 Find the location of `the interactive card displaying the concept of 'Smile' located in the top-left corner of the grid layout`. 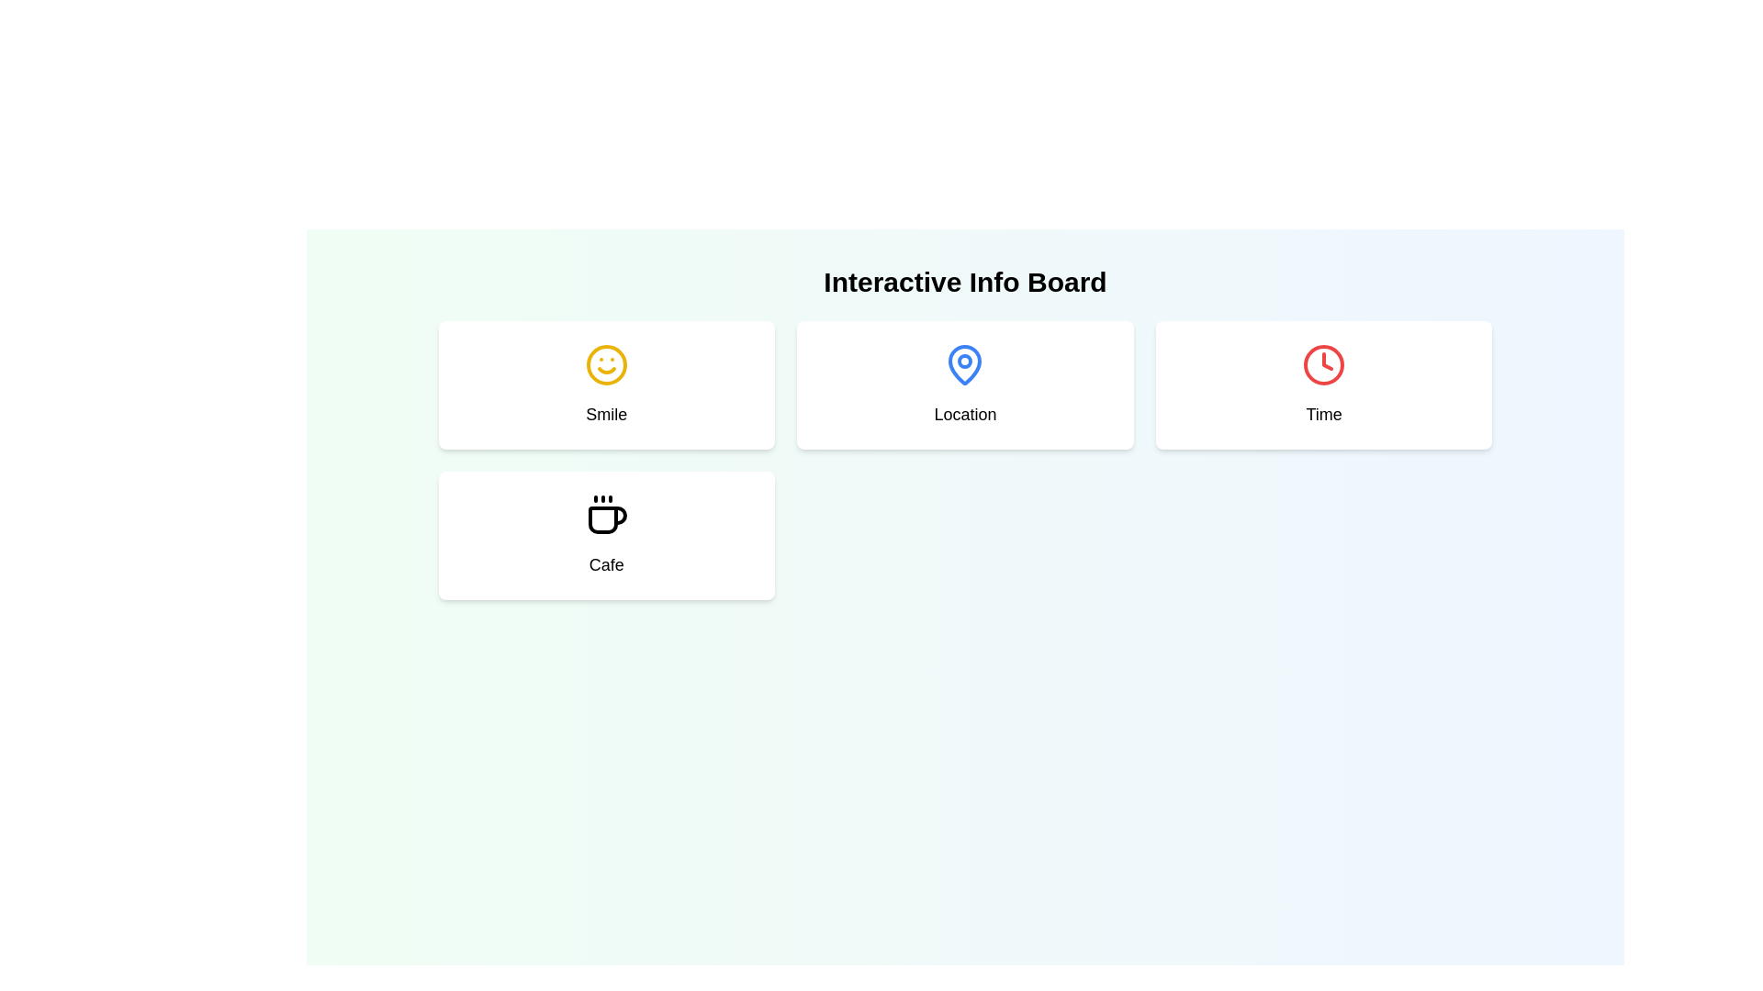

the interactive card displaying the concept of 'Smile' located in the top-left corner of the grid layout is located at coordinates (606, 384).